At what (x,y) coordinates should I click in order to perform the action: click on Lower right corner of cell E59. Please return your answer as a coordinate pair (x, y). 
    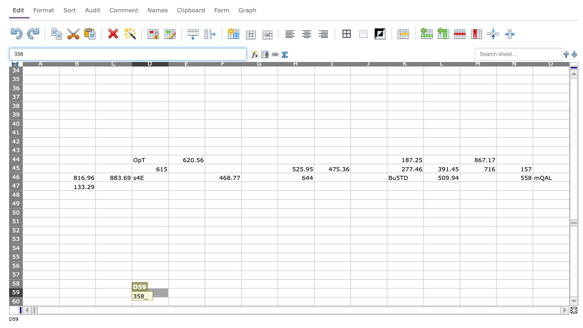
    Looking at the image, I should click on (205, 297).